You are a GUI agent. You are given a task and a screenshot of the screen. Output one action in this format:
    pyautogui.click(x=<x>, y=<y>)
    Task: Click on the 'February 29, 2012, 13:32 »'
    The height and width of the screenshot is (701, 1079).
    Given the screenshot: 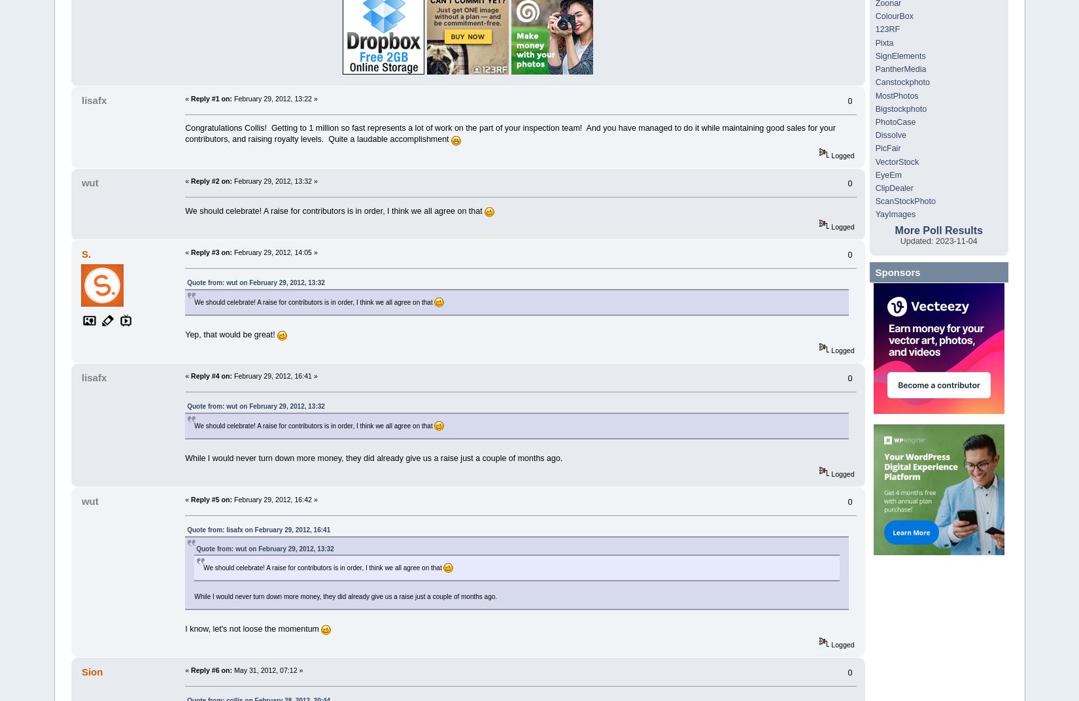 What is the action you would take?
    pyautogui.click(x=273, y=180)
    